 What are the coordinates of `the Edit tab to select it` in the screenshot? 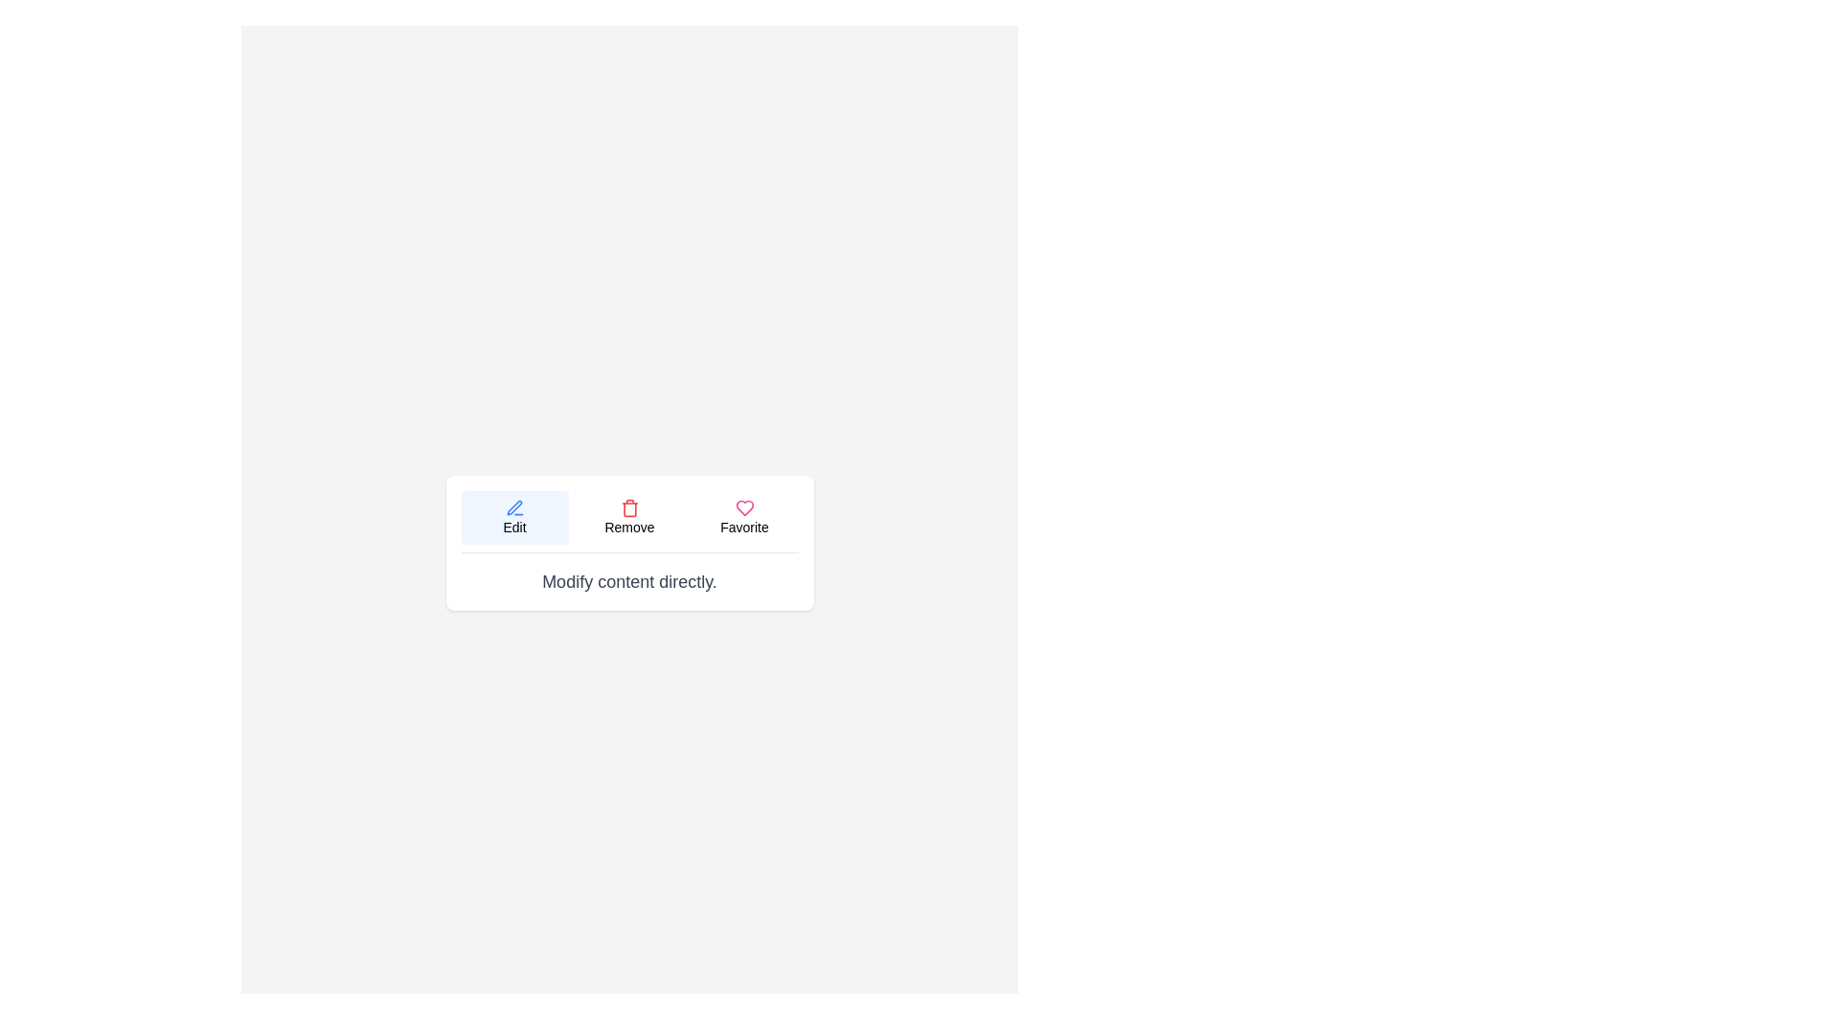 It's located at (514, 517).